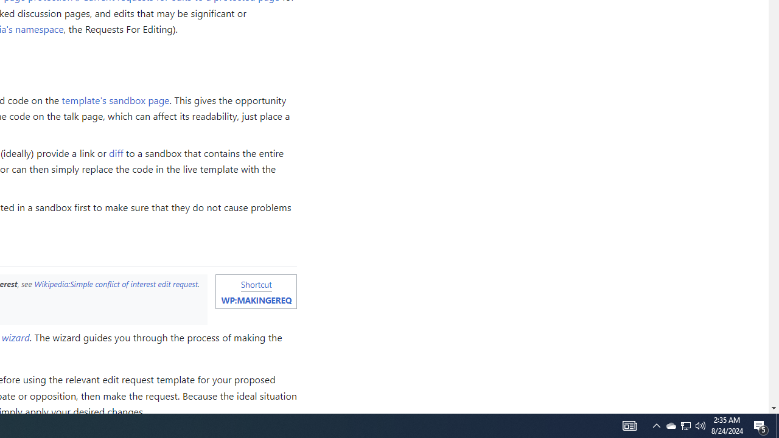  What do you see at coordinates (116, 152) in the screenshot?
I see `'diff'` at bounding box center [116, 152].